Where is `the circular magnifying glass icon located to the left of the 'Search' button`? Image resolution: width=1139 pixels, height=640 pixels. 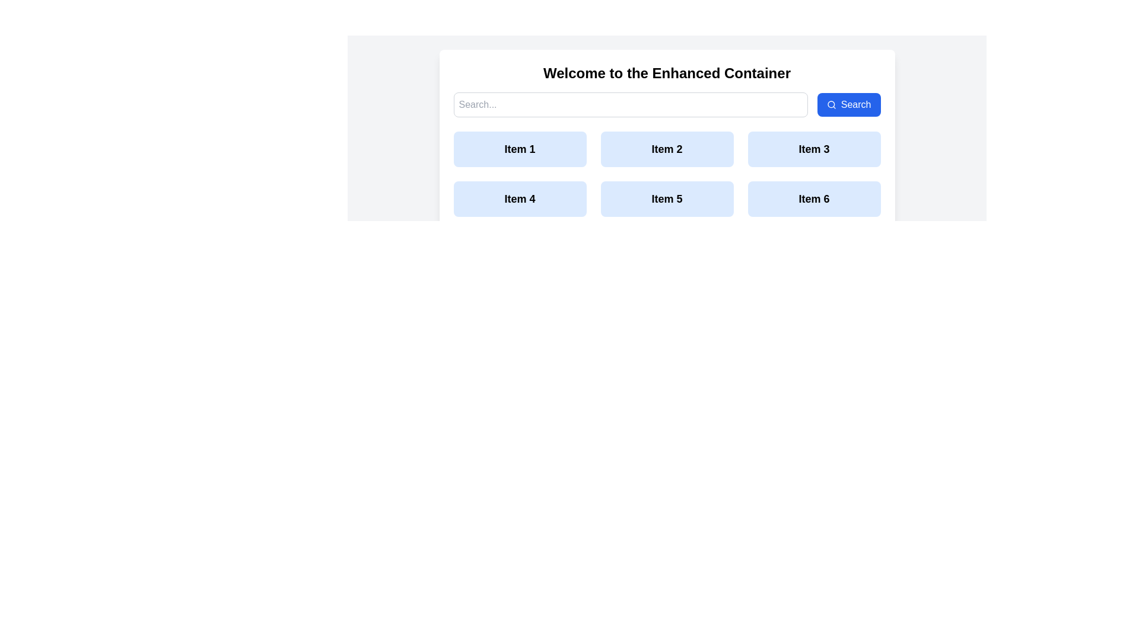
the circular magnifying glass icon located to the left of the 'Search' button is located at coordinates (831, 104).